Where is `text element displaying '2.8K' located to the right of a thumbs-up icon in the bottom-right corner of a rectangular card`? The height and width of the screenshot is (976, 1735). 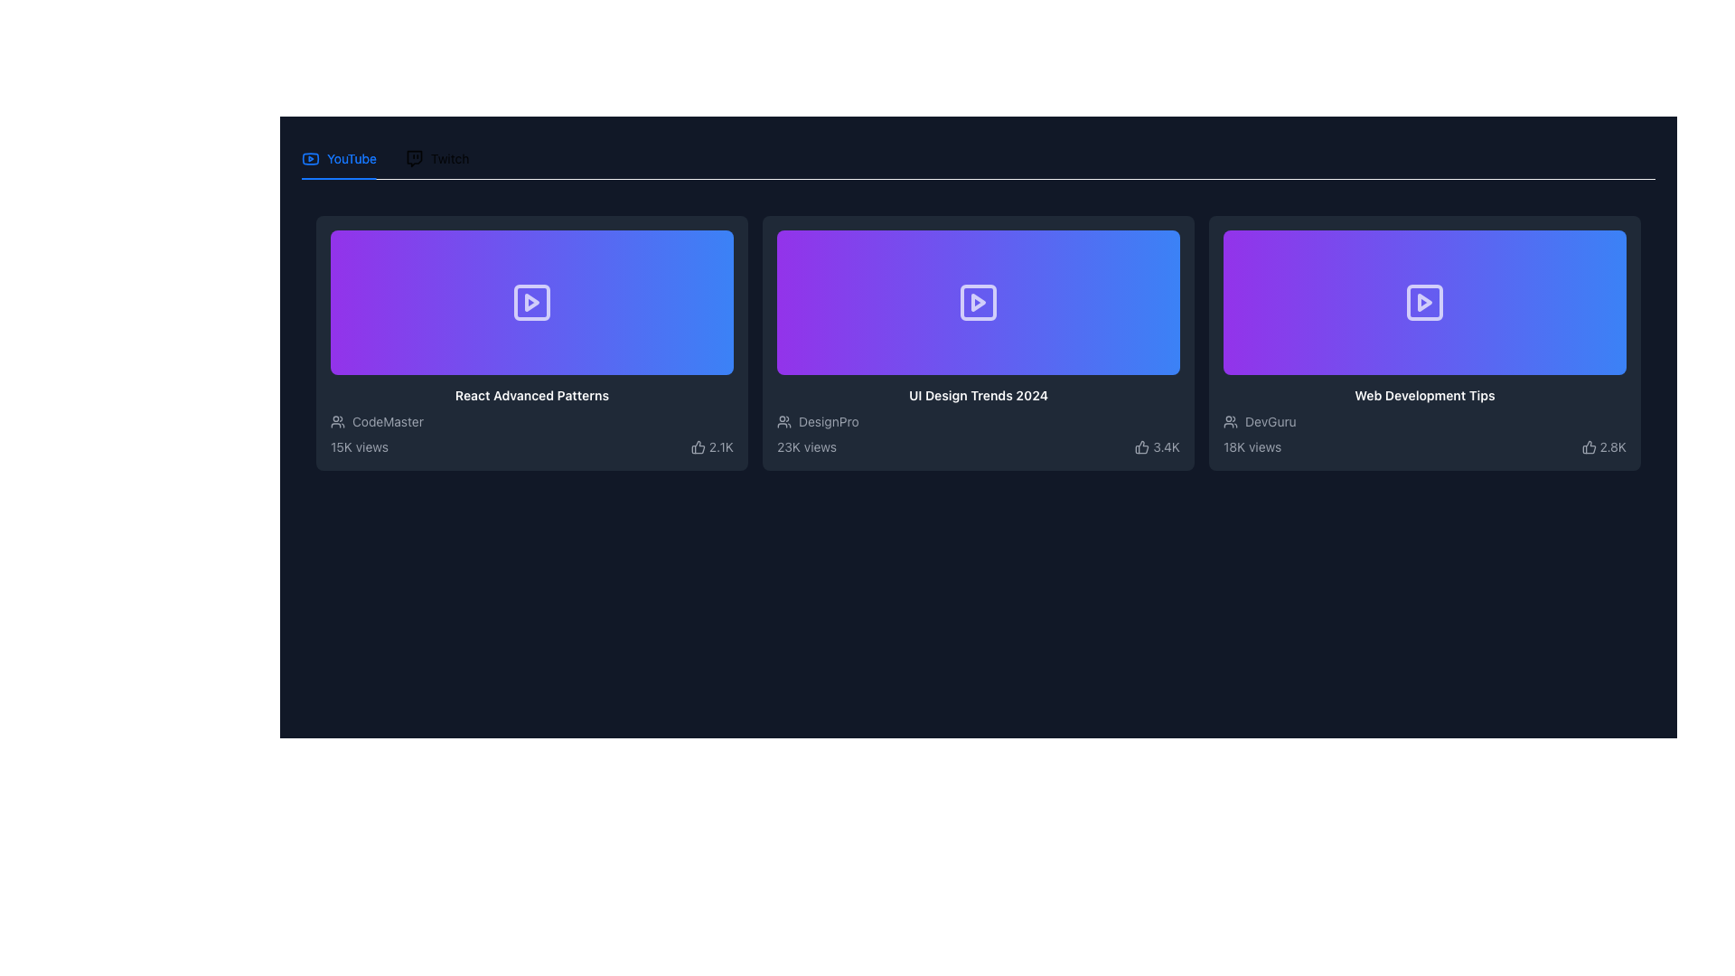
text element displaying '2.8K' located to the right of a thumbs-up icon in the bottom-right corner of a rectangular card is located at coordinates (1613, 446).